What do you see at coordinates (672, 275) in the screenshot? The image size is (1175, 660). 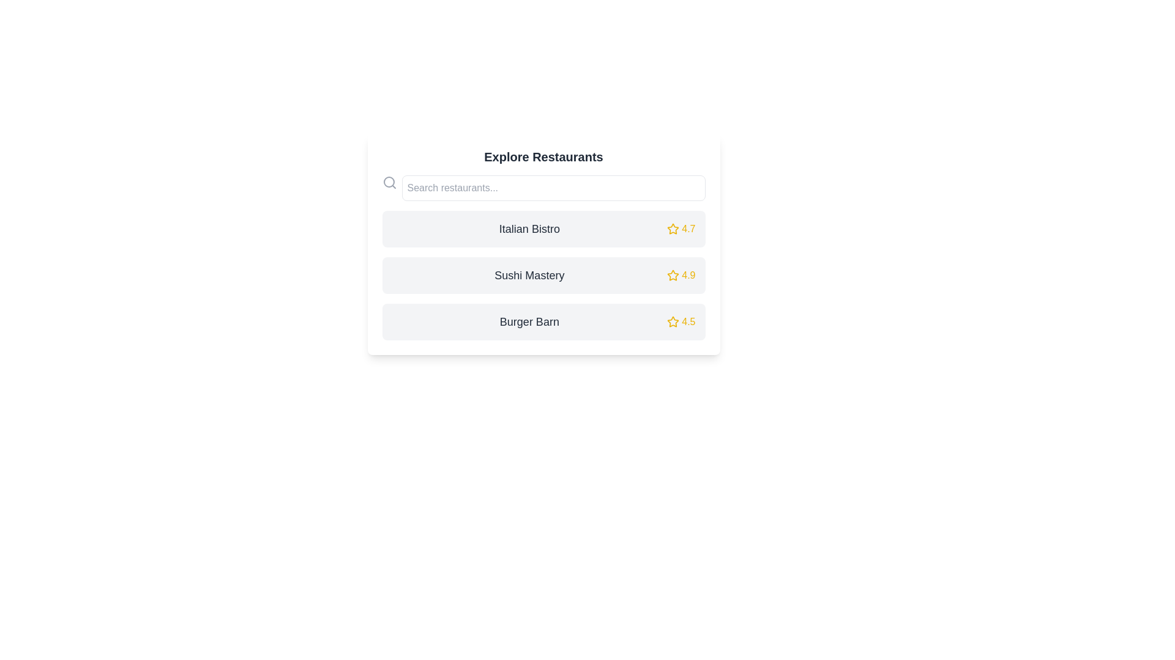 I see `the second star-shaped icon with a yellow outline representing the rating for 'Sushi Mastery' to interact with it` at bounding box center [672, 275].